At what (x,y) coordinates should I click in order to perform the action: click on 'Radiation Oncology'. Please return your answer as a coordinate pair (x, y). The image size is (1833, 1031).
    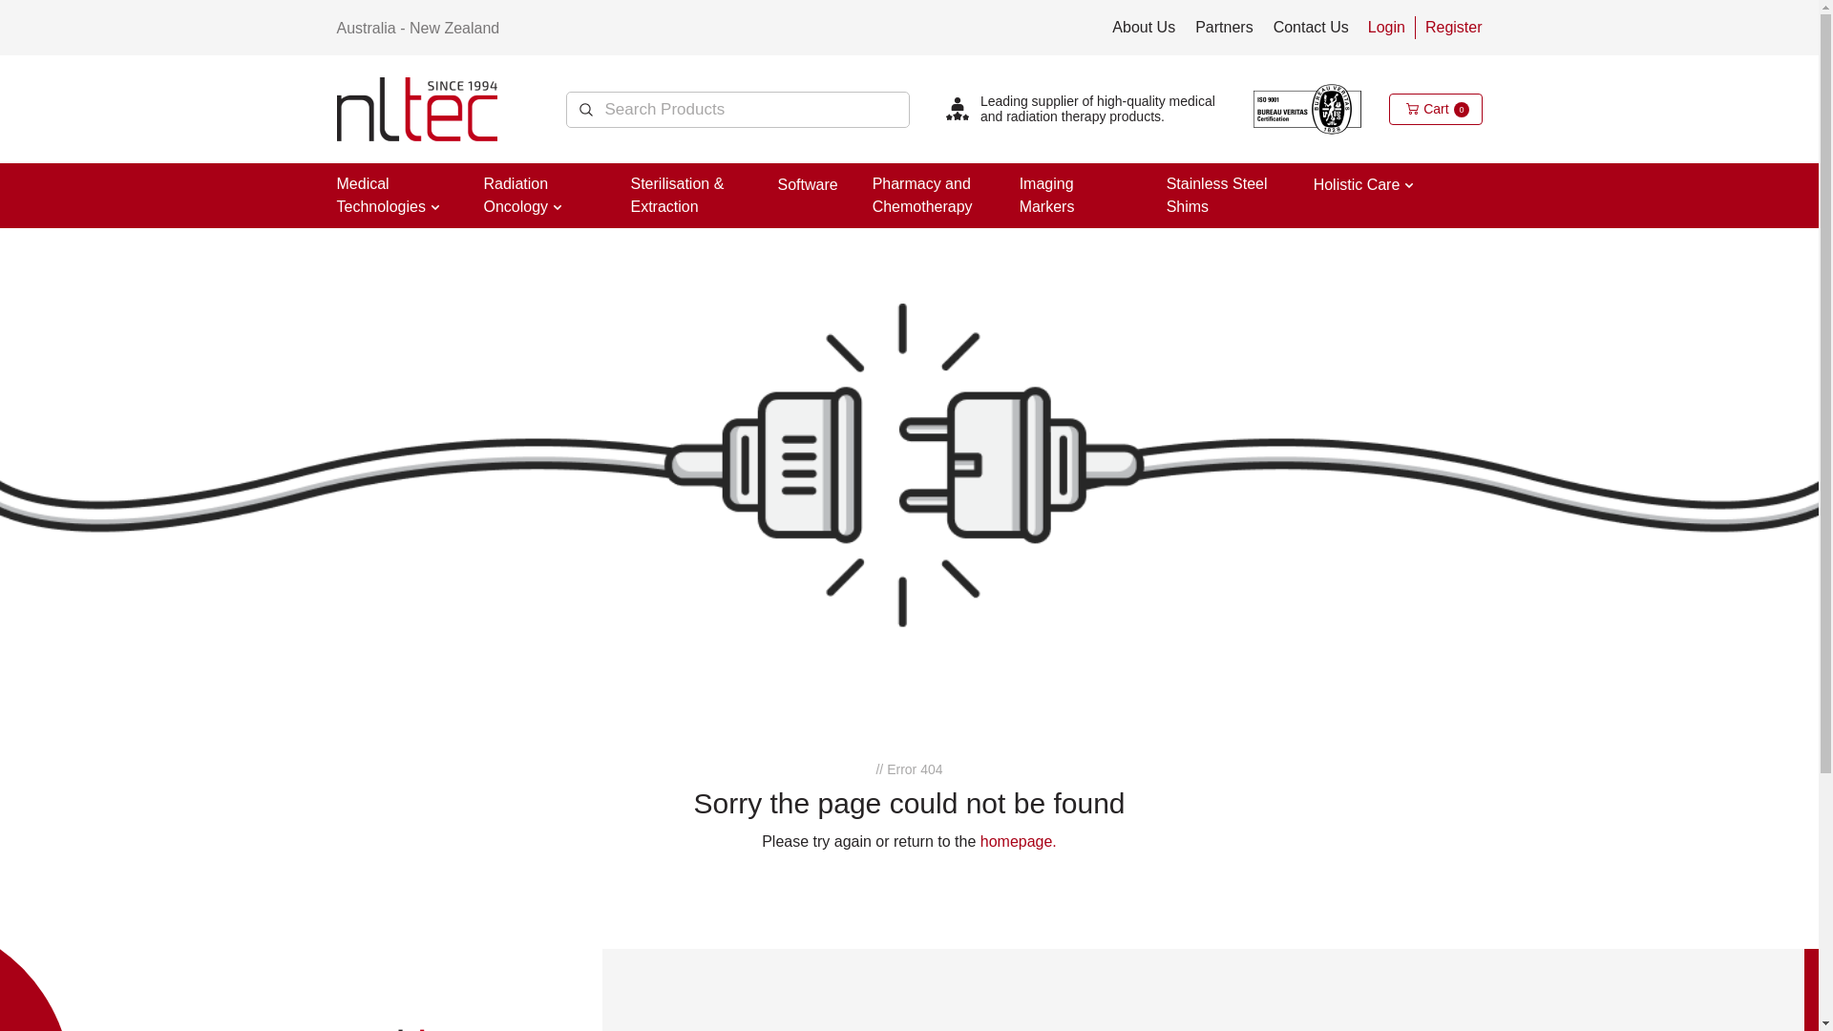
    Looking at the image, I should click on (515, 195).